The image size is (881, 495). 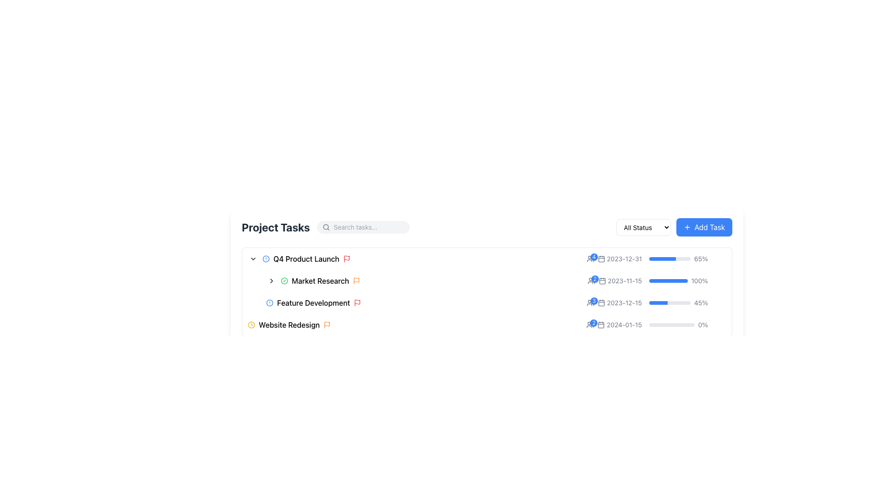 I want to click on the text element indicating the percentage completion of a task, located to the right of the progress bar, so click(x=703, y=324).